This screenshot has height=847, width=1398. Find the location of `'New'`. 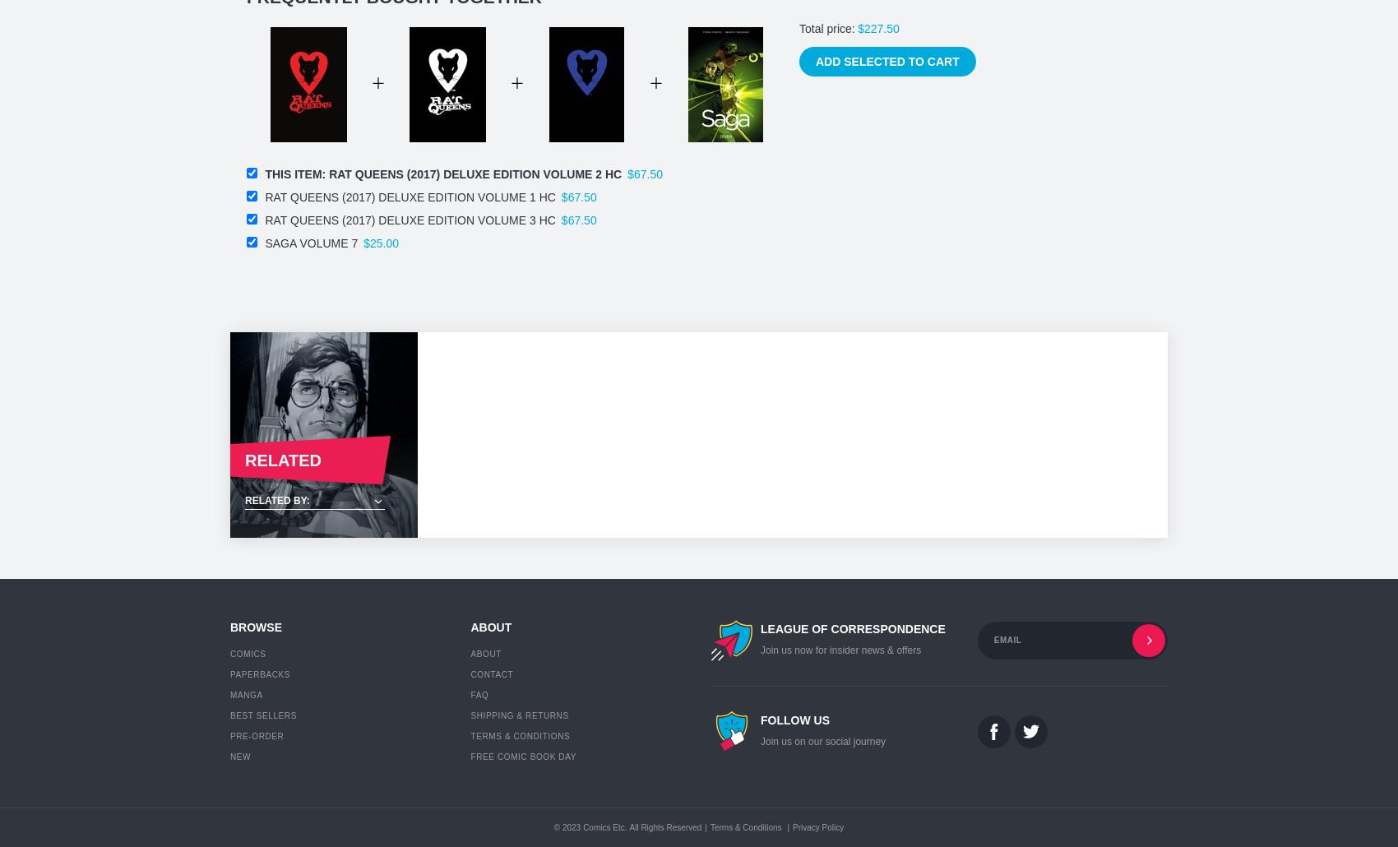

'New' is located at coordinates (240, 756).